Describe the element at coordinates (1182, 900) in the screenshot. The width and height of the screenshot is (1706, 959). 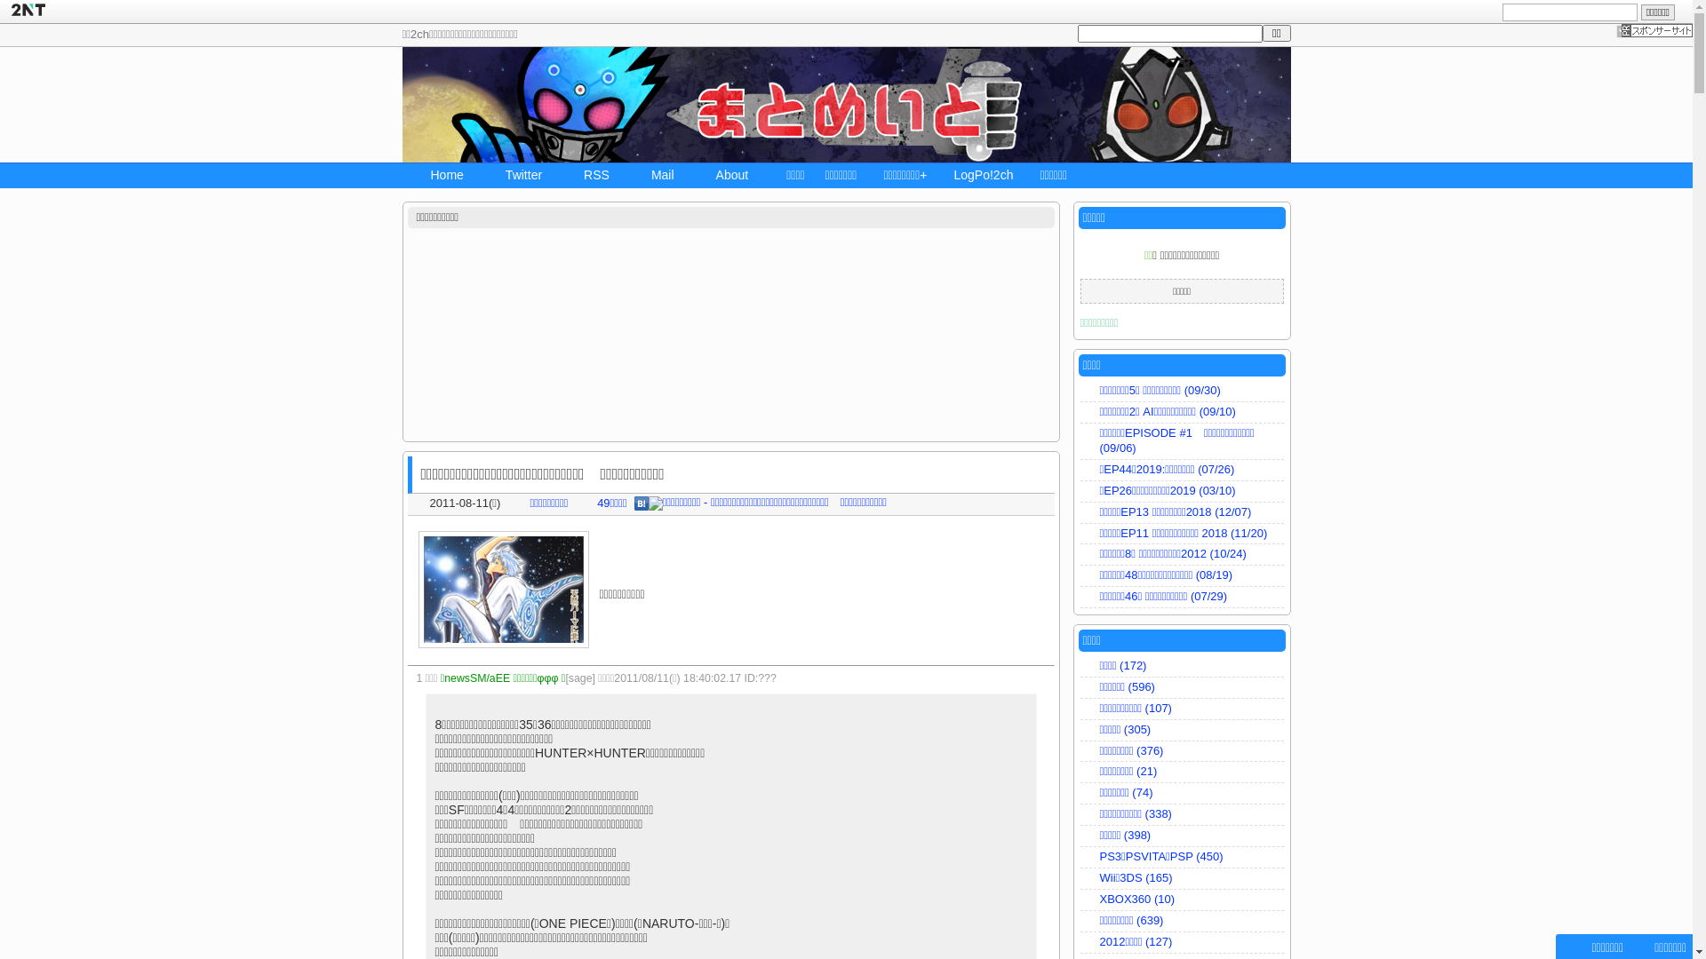
I see `'XBOX360 (10)'` at that location.